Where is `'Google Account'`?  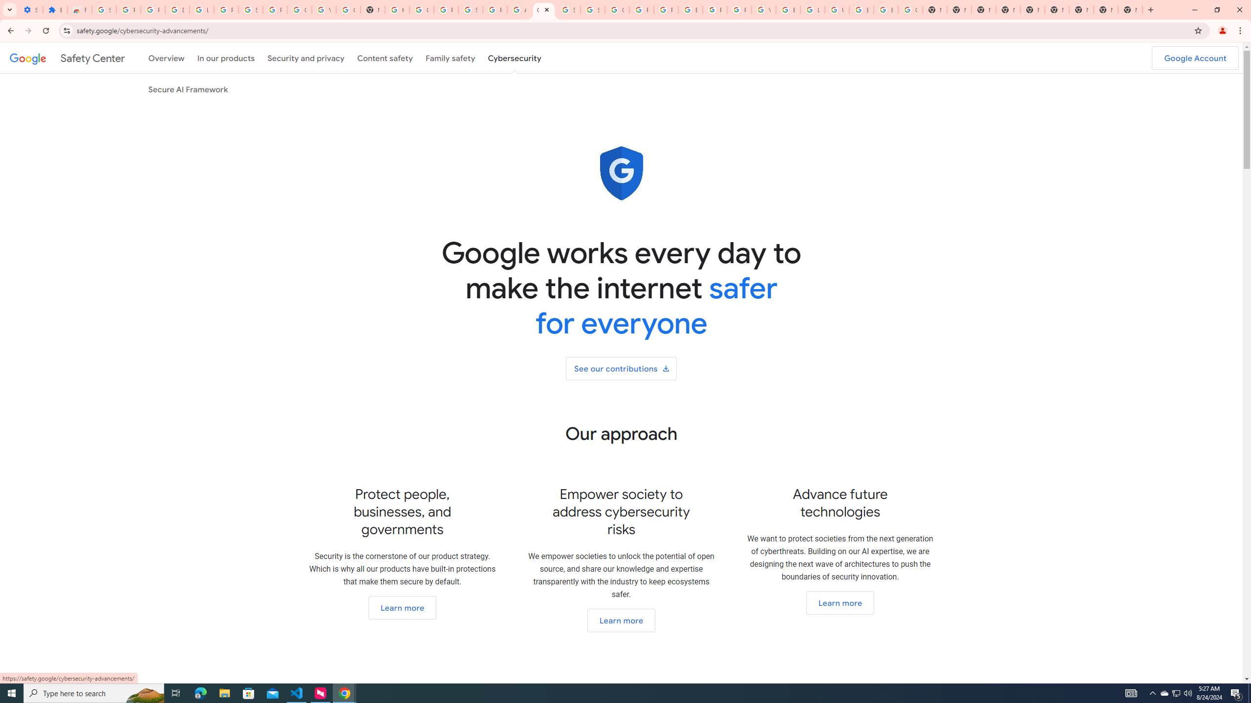
'Google Account' is located at coordinates (1195, 58).